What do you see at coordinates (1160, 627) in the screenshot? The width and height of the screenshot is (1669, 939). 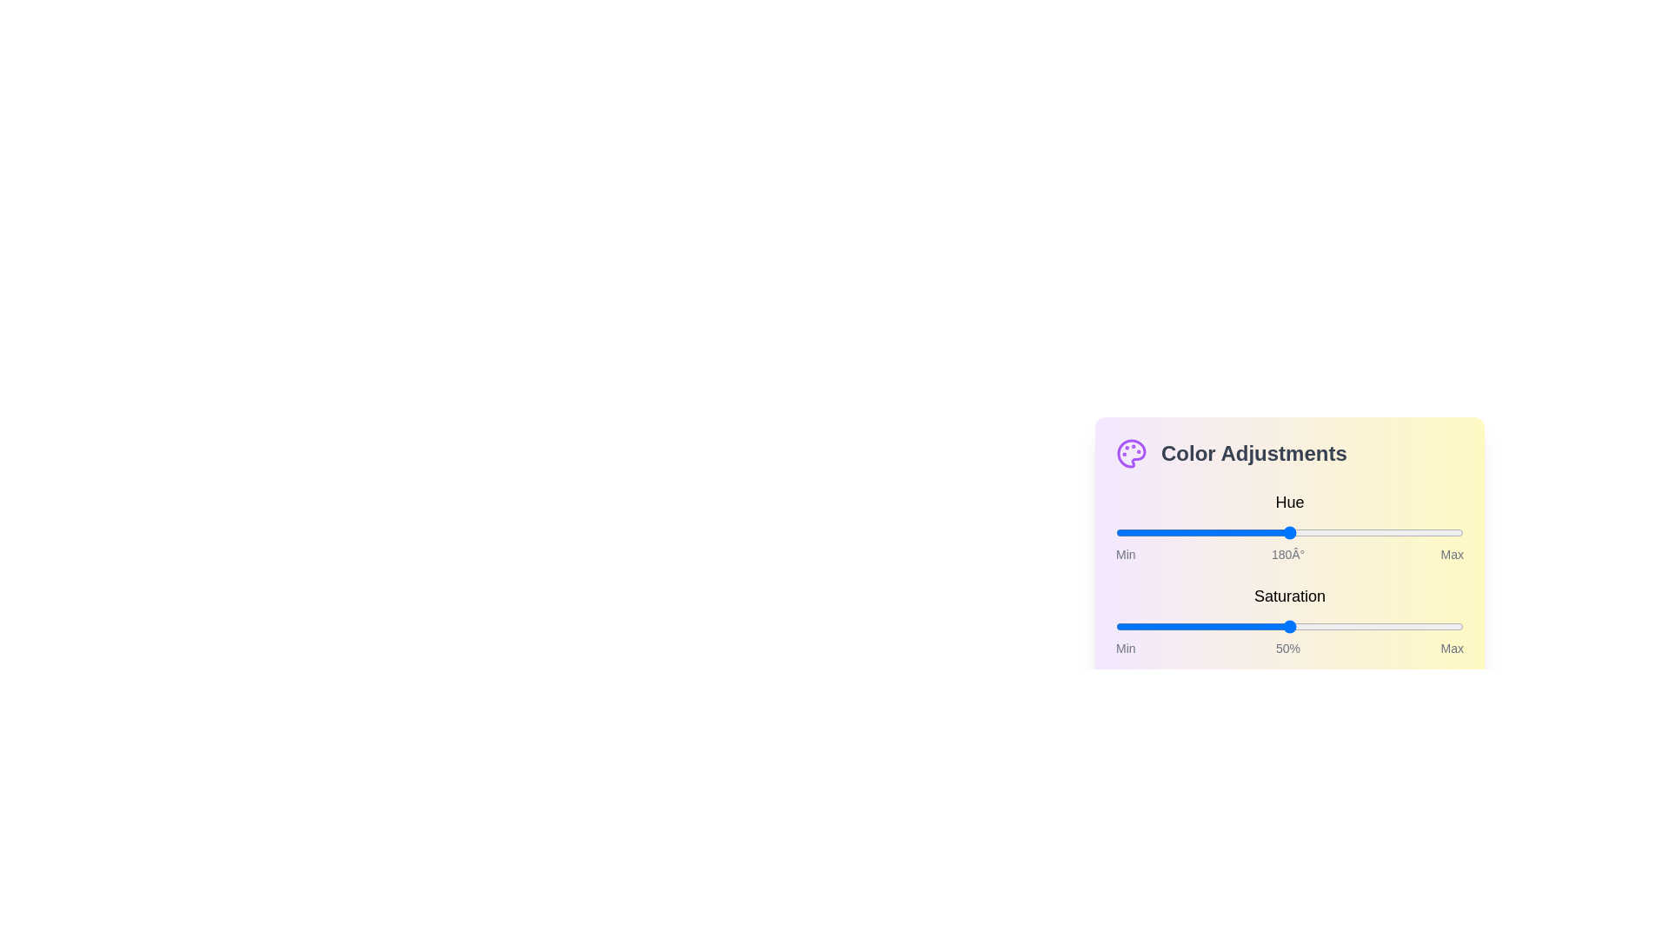 I see `the saturation slider to 13` at bounding box center [1160, 627].